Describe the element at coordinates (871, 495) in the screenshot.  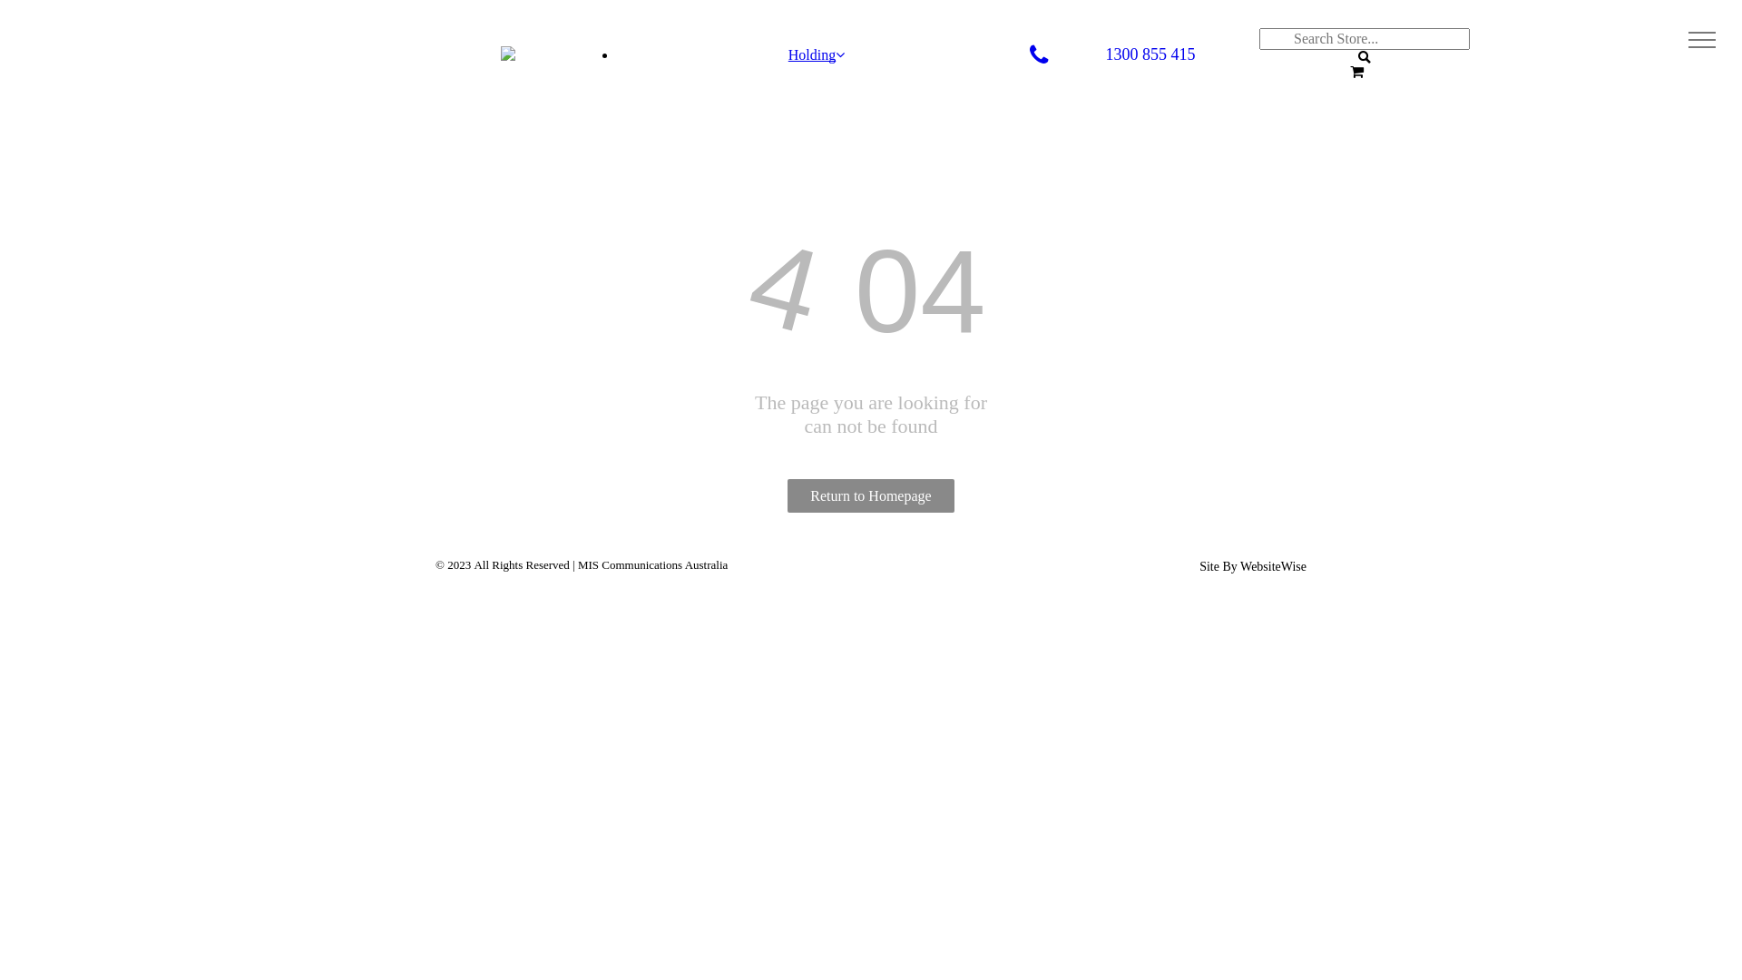
I see `'Return to Homepage'` at that location.